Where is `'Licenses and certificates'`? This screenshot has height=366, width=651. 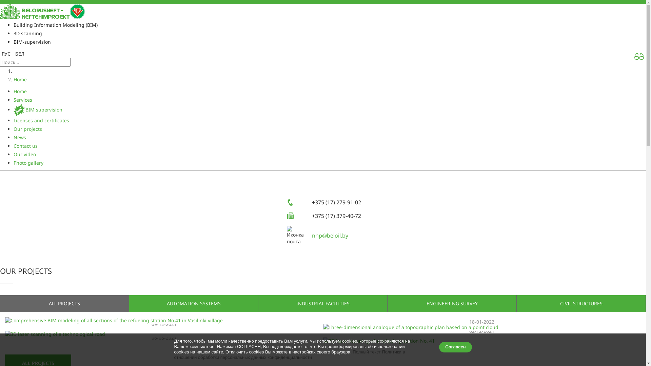
'Licenses and certificates' is located at coordinates (41, 120).